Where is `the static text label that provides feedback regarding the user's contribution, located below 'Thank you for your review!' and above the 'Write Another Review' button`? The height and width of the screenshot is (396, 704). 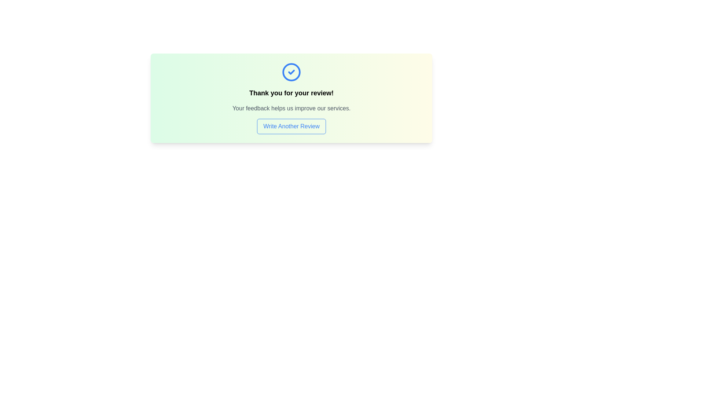
the static text label that provides feedback regarding the user's contribution, located below 'Thank you for your review!' and above the 'Write Another Review' button is located at coordinates (291, 109).